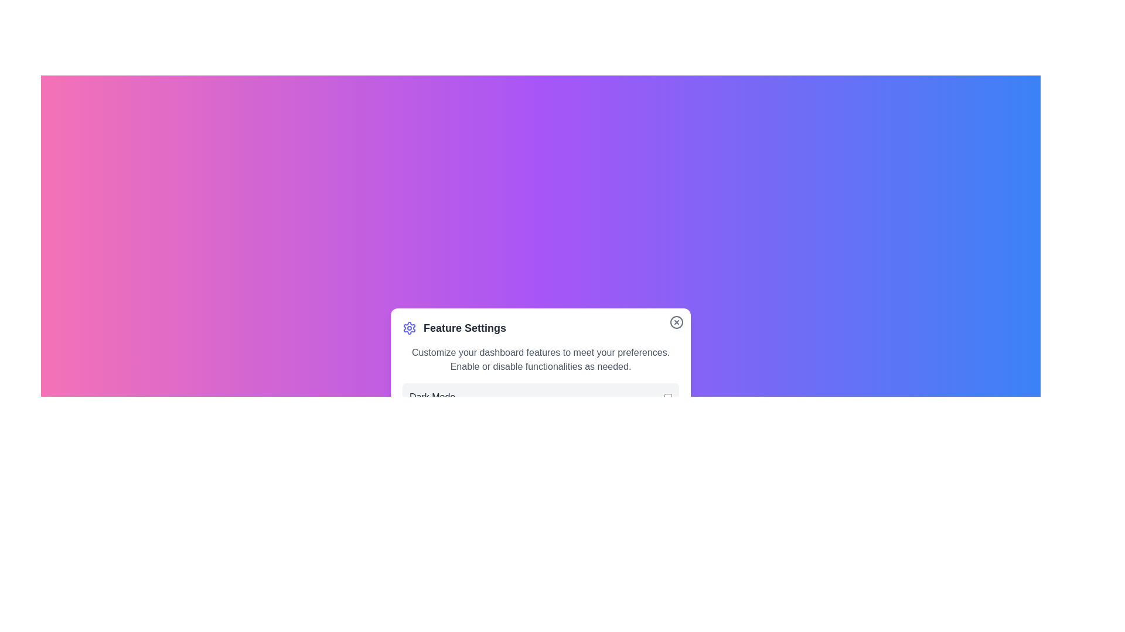 Image resolution: width=1125 pixels, height=632 pixels. What do you see at coordinates (464, 328) in the screenshot?
I see `text content of the 'Feature Settings' label, which is prominently displayed in a large, bold font and is located near the top of a modal, next to a purple gear icon` at bounding box center [464, 328].